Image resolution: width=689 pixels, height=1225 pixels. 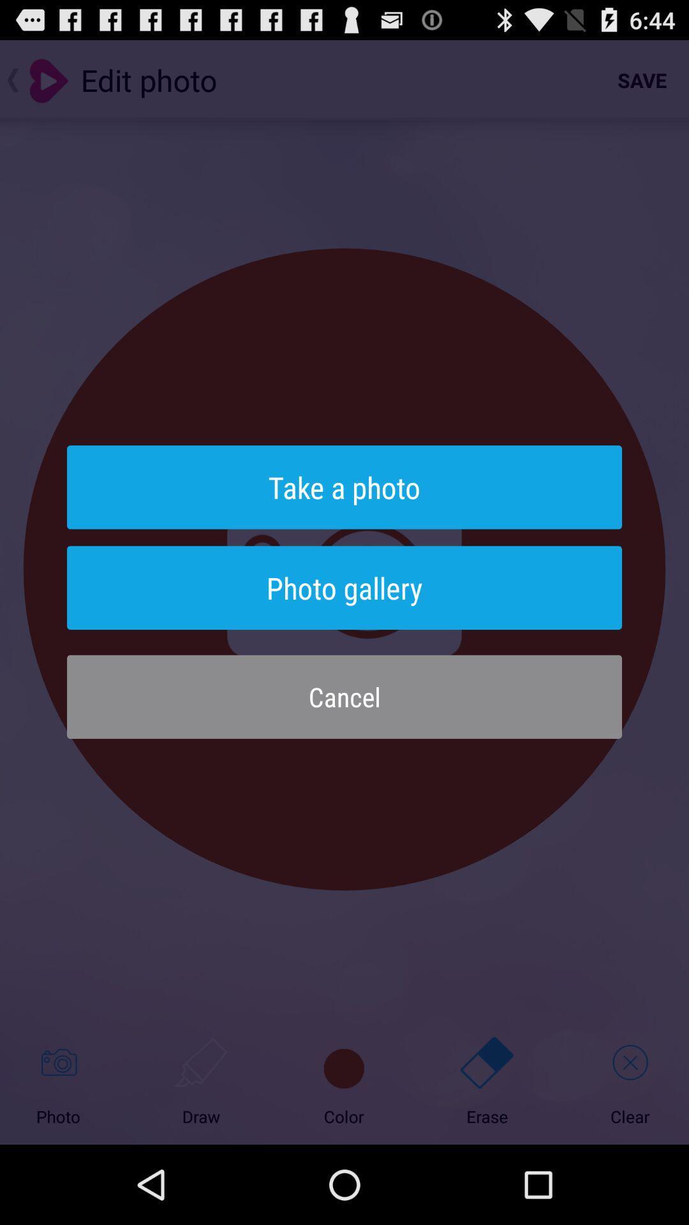 What do you see at coordinates (344, 486) in the screenshot?
I see `take a photo` at bounding box center [344, 486].